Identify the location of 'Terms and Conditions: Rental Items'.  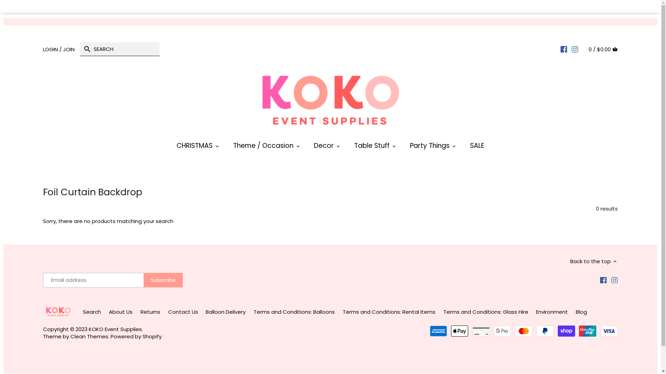
(389, 312).